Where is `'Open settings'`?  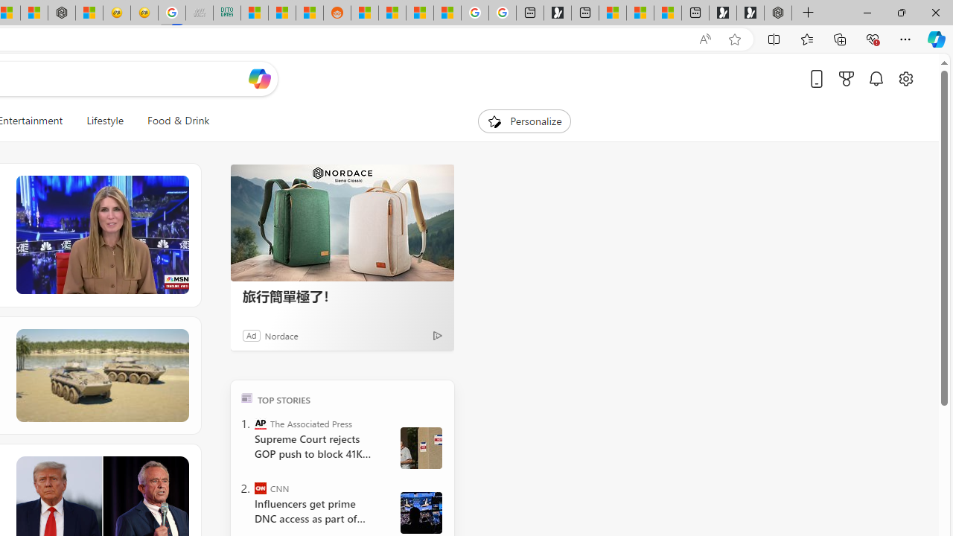 'Open settings' is located at coordinates (905, 78).